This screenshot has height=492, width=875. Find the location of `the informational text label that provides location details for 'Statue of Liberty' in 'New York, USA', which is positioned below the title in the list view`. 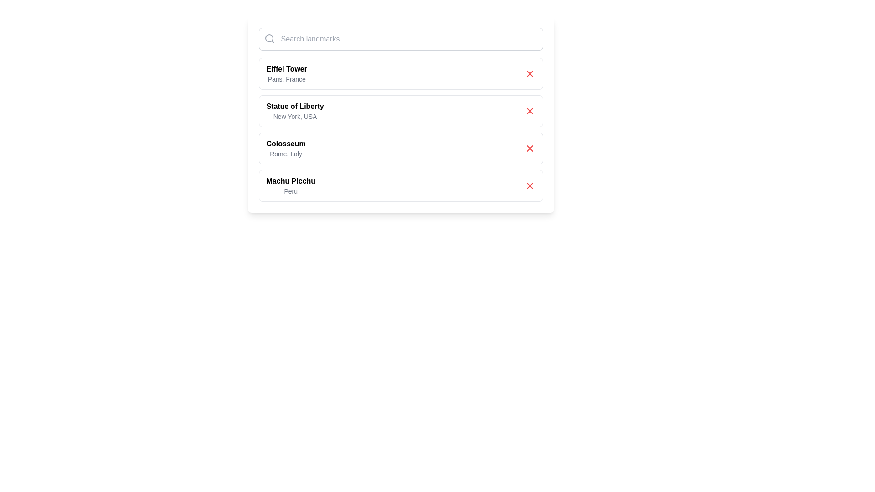

the informational text label that provides location details for 'Statue of Liberty' in 'New York, USA', which is positioned below the title in the list view is located at coordinates (295, 116).